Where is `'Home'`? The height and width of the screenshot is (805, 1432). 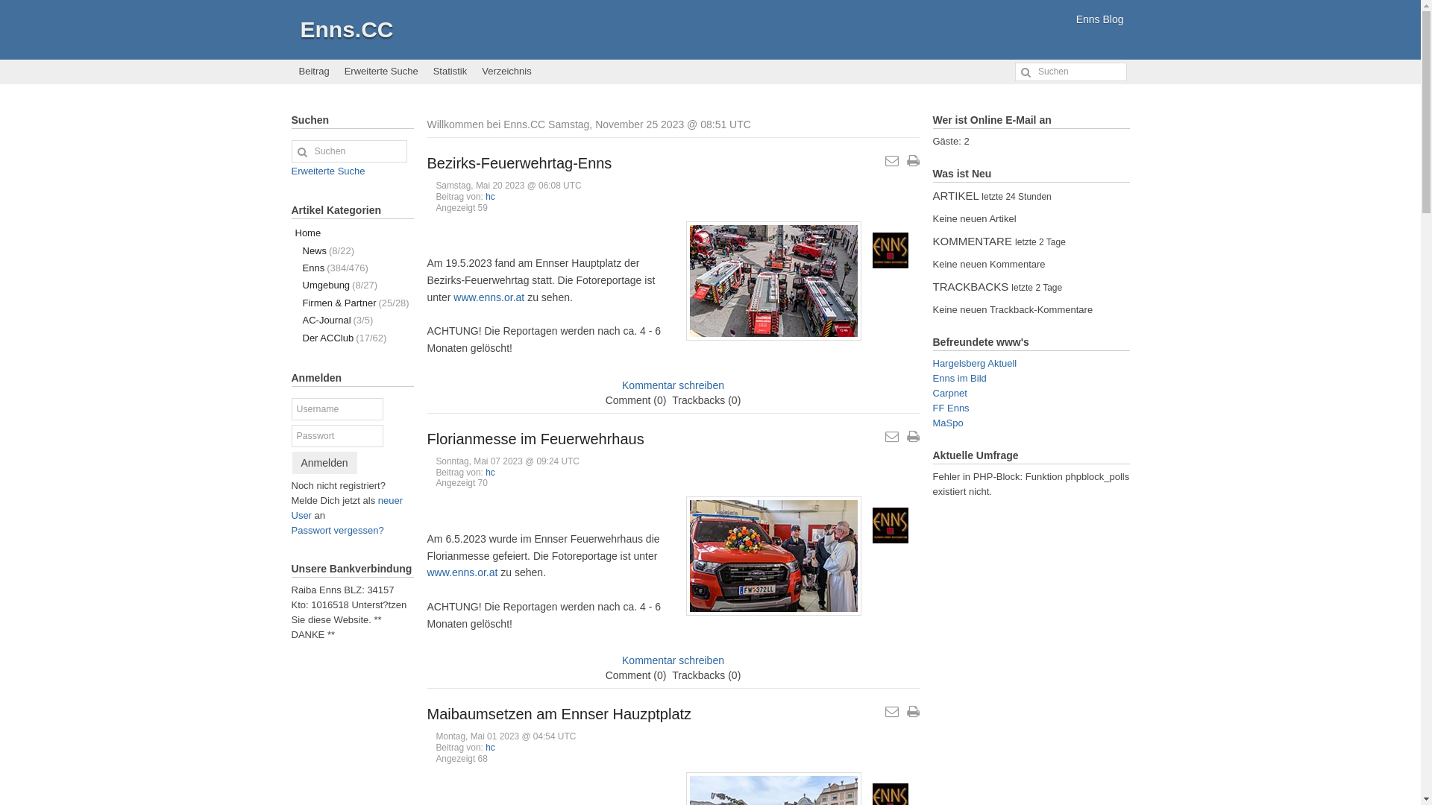
'Home' is located at coordinates (351, 233).